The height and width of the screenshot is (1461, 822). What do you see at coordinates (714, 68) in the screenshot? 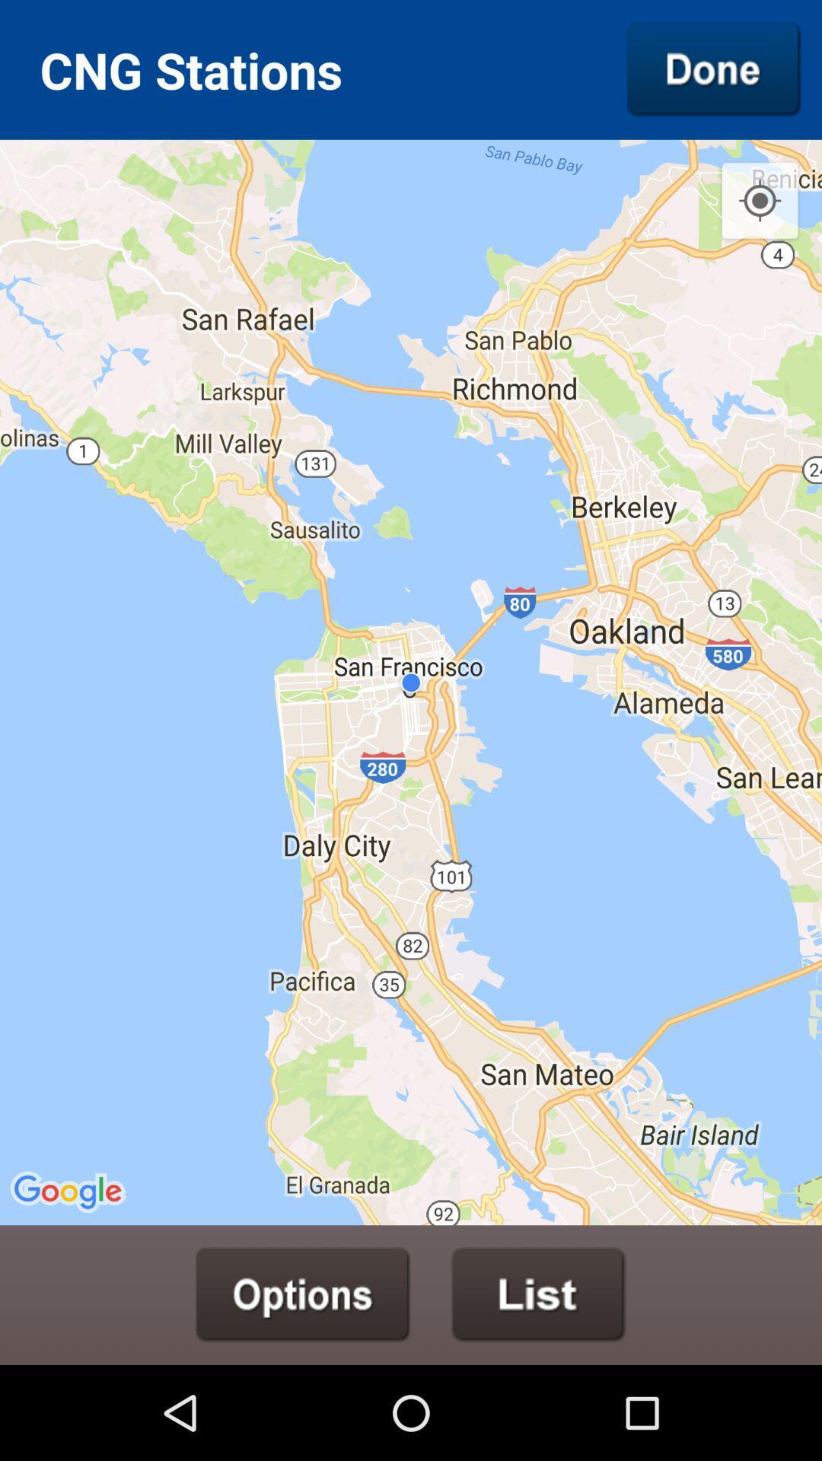
I see `done option` at bounding box center [714, 68].